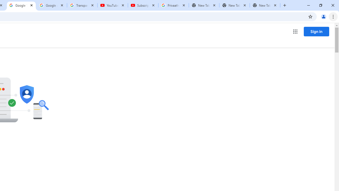 The image size is (339, 191). What do you see at coordinates (112, 5) in the screenshot?
I see `'YouTube'` at bounding box center [112, 5].